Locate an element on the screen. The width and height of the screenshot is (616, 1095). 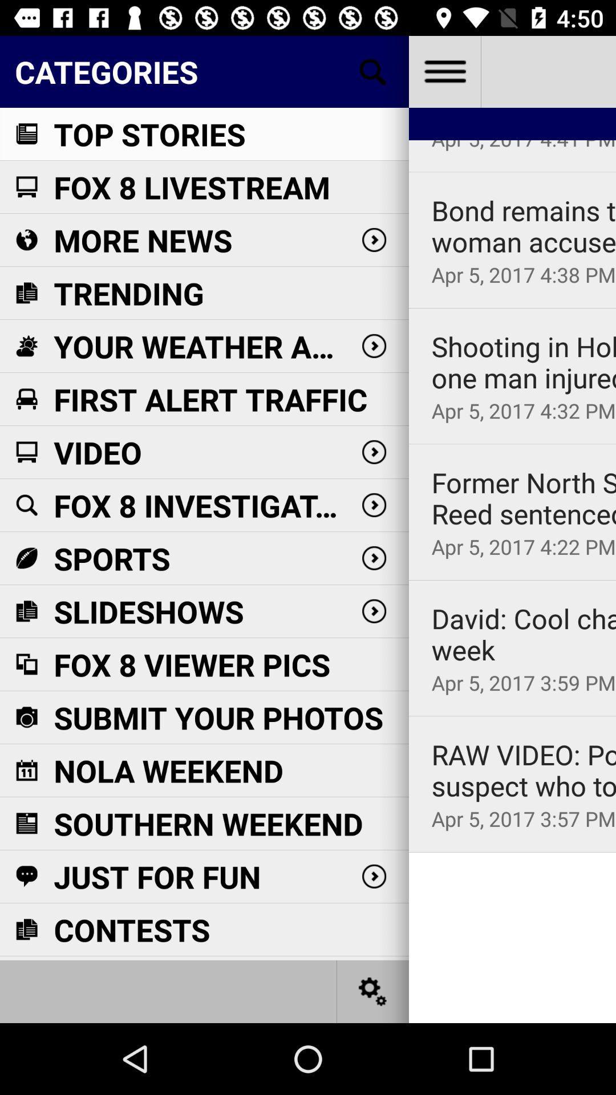
settings button is located at coordinates (444, 71).